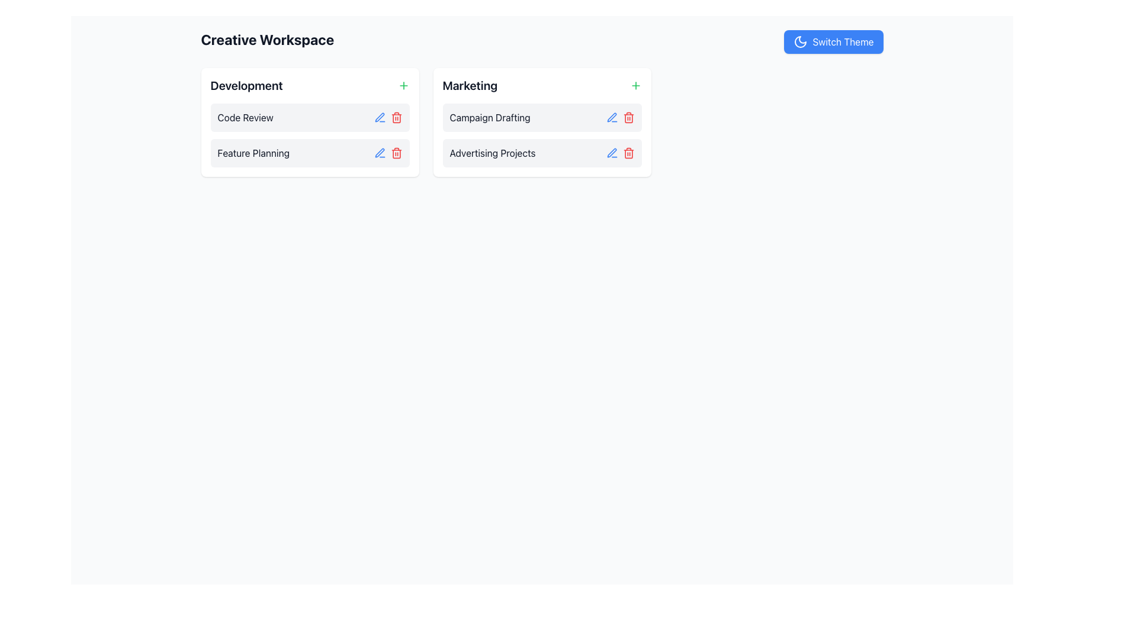 This screenshot has height=639, width=1137. Describe the element at coordinates (801, 41) in the screenshot. I see `the crescent moon icon within the blue 'Switch Theme' button` at that location.